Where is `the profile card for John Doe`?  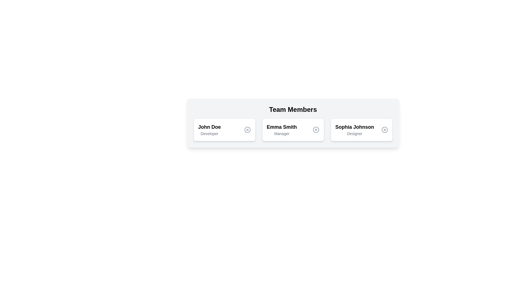
the profile card for John Doe is located at coordinates (224, 130).